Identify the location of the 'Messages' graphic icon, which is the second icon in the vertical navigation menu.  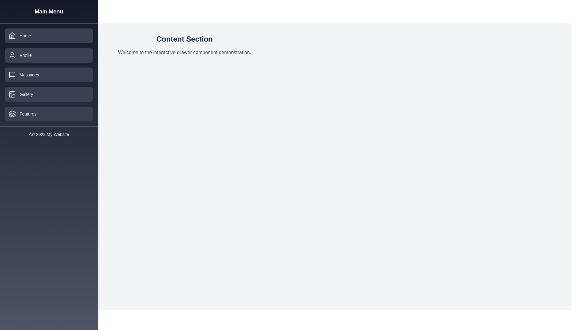
(12, 75).